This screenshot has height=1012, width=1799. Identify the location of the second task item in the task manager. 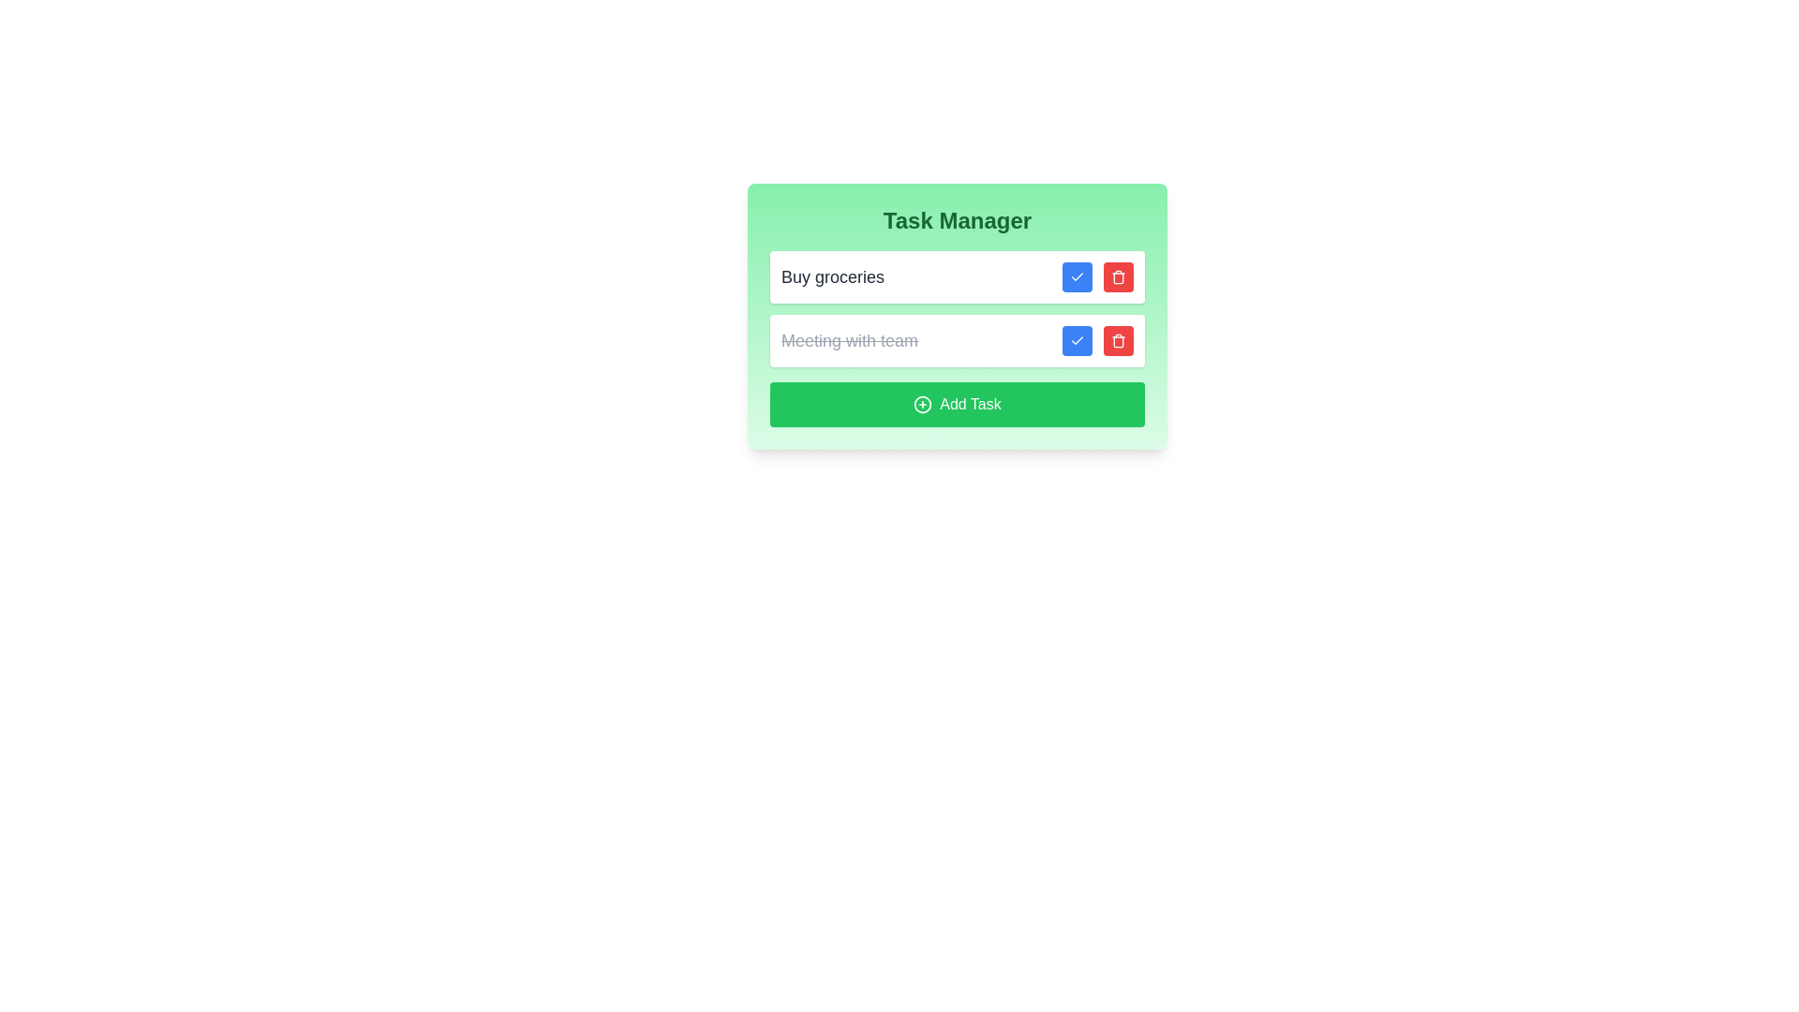
(958, 316).